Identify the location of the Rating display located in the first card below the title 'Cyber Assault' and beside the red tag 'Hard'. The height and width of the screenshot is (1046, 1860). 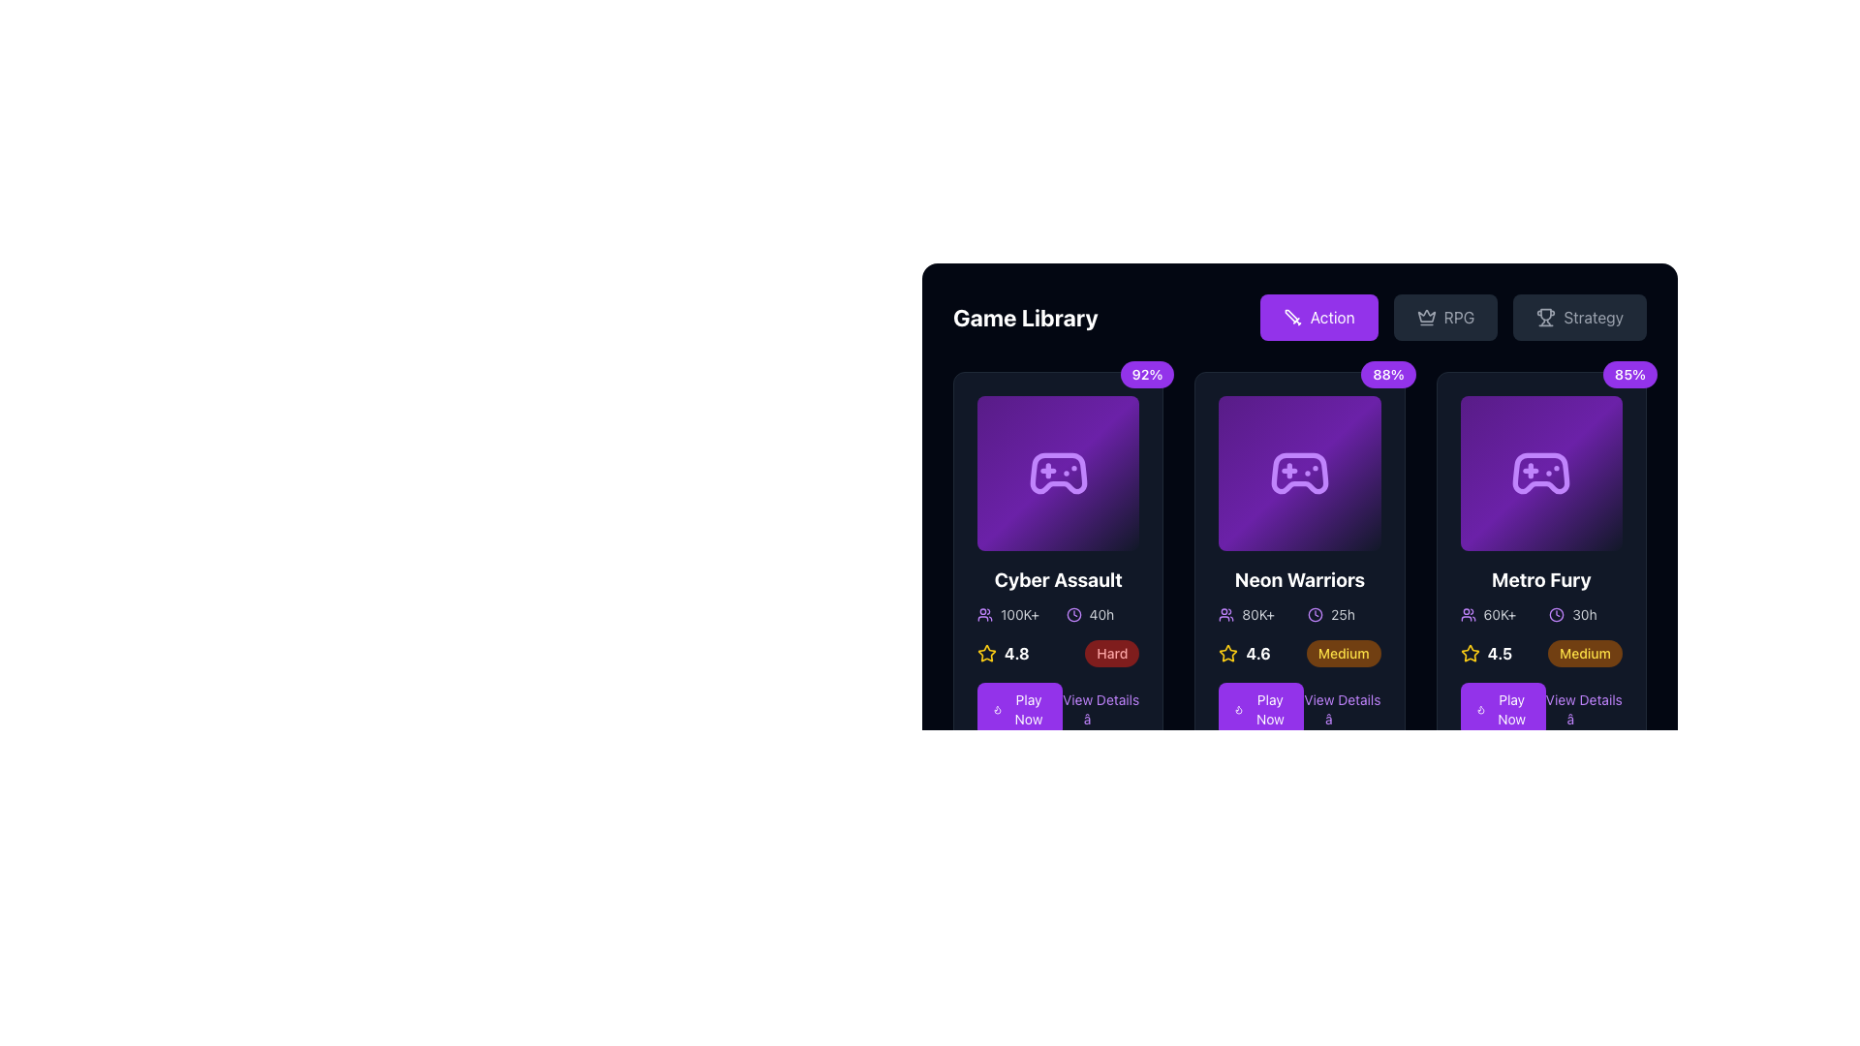
(1003, 654).